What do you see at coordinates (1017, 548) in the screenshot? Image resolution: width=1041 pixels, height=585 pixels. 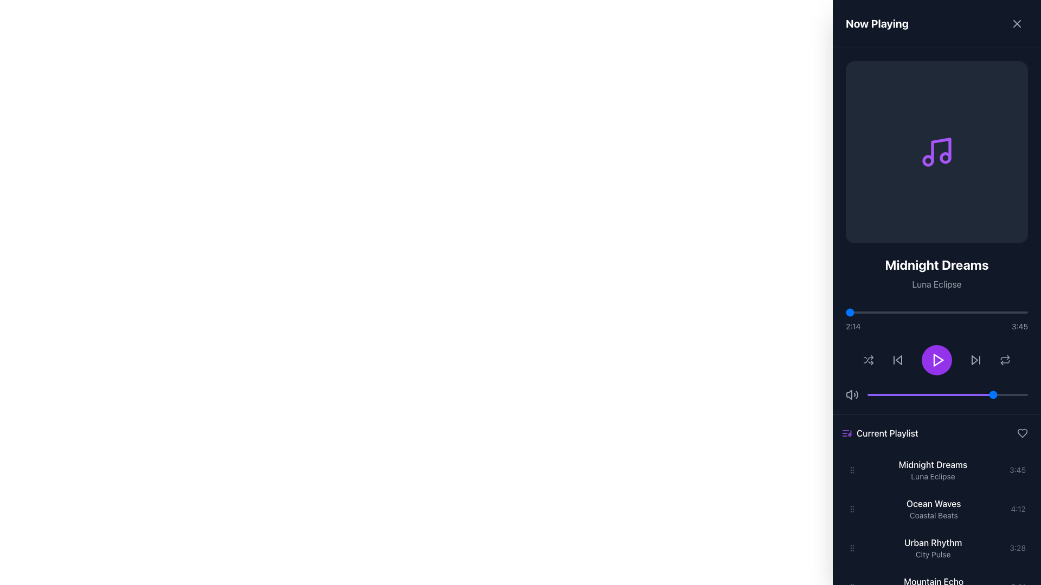 I see `the text label displaying the duration of the song 'Urban Rhythm' in the playlist, which is located at the rightmost end of the playlist cell` at bounding box center [1017, 548].